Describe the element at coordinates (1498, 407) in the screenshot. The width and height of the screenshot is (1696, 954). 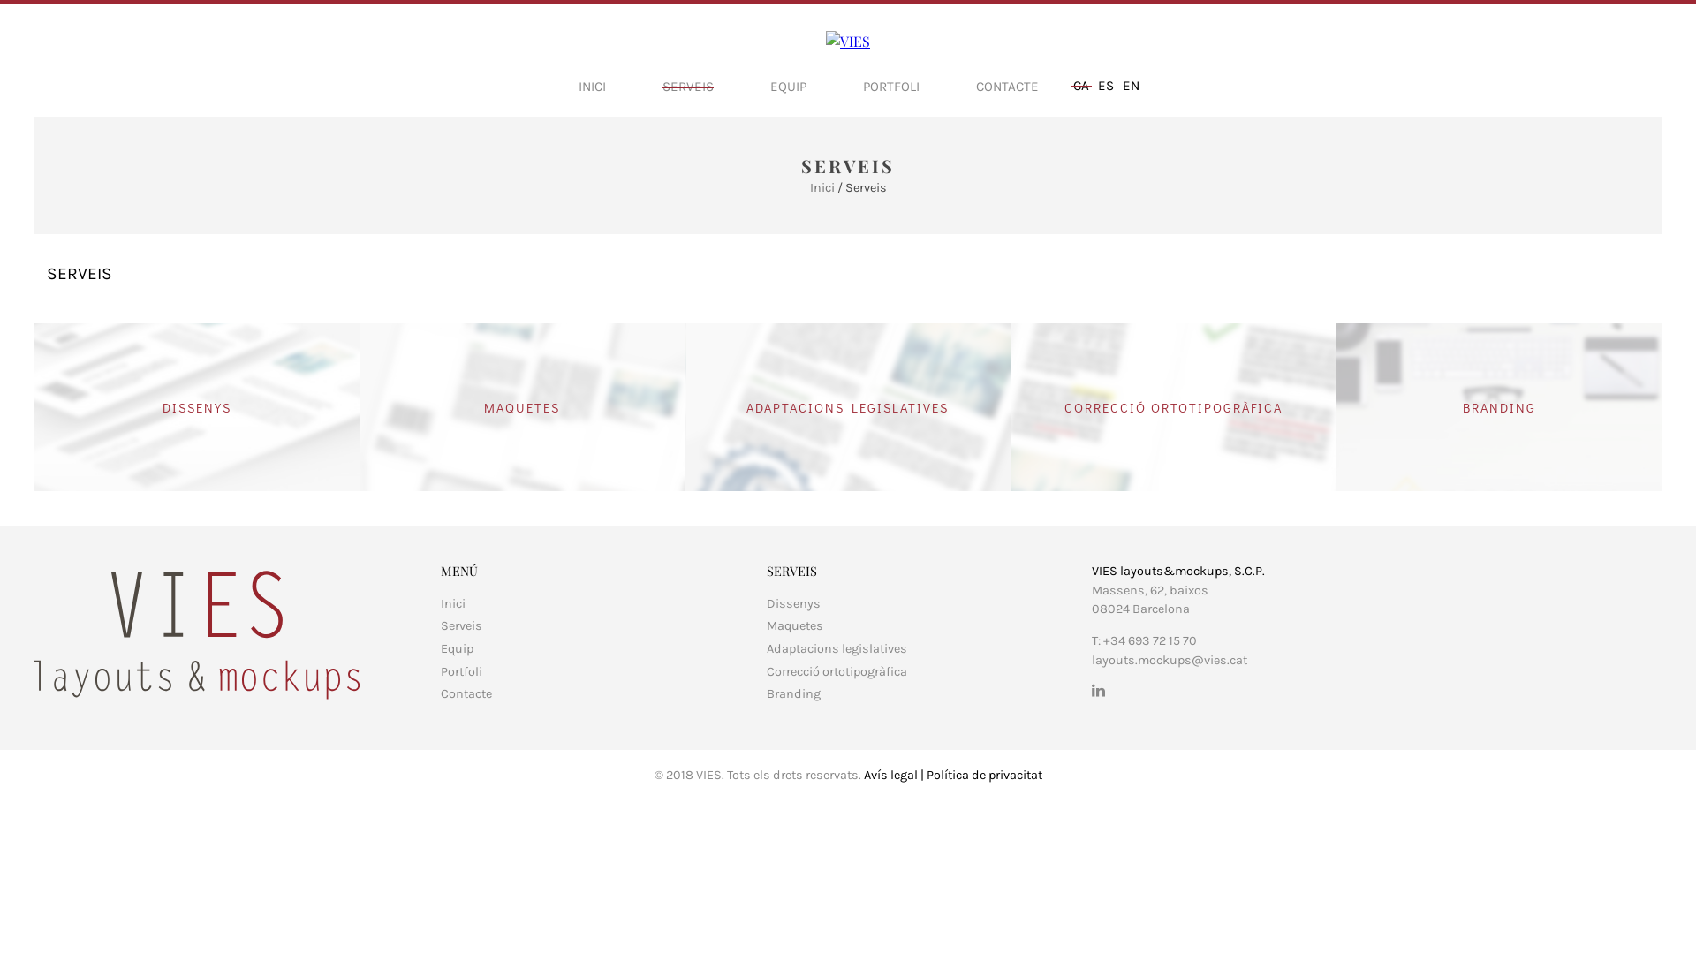
I see `'BRANDING'` at that location.